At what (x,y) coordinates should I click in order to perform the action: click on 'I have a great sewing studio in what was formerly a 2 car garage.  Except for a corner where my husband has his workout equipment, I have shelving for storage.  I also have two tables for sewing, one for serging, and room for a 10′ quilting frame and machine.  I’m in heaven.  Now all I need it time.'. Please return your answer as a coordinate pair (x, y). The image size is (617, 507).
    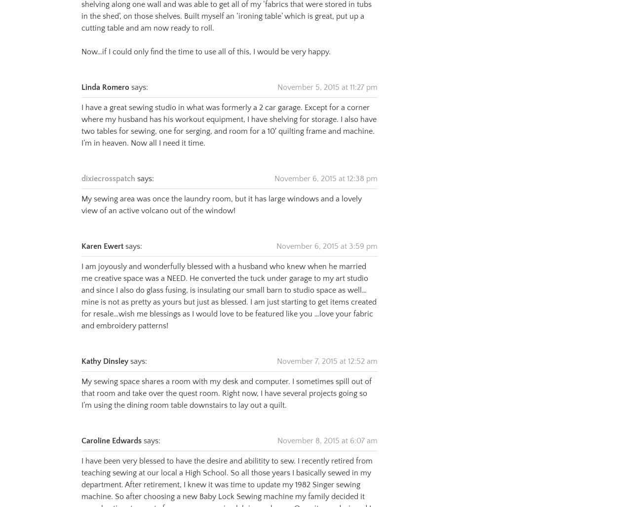
    Looking at the image, I should click on (228, 113).